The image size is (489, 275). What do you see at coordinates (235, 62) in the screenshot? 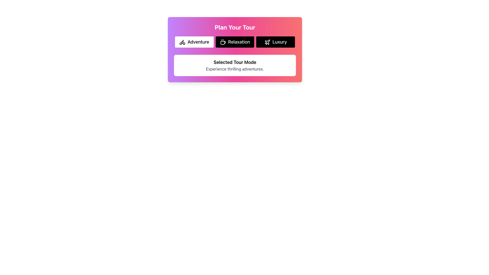
I see `the Text Label that serves as the title for the selected tour mode section, located above the subtitle 'Experience thrilling adventures.'` at bounding box center [235, 62].